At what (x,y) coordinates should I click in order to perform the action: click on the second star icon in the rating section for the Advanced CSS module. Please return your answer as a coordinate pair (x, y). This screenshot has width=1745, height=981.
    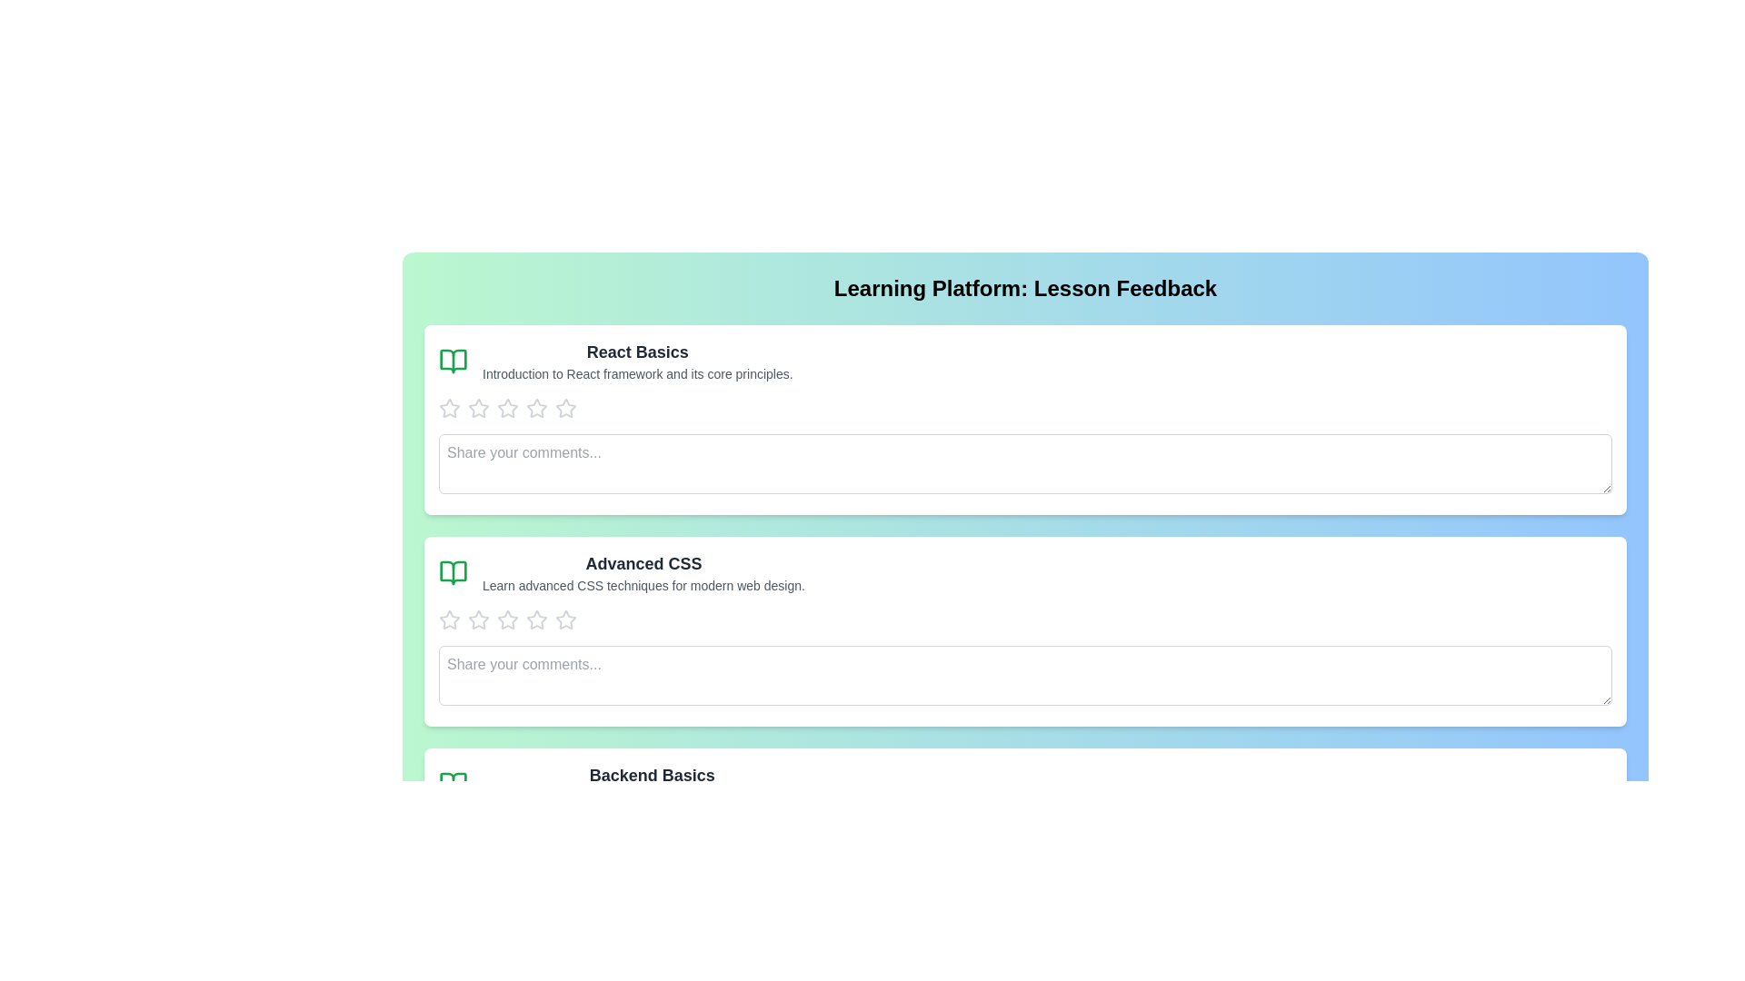
    Looking at the image, I should click on (535, 619).